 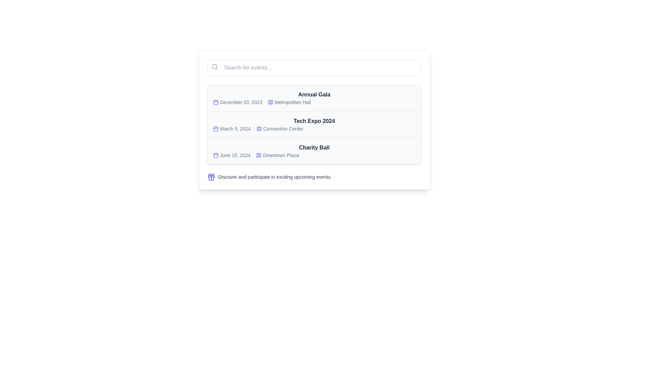 What do you see at coordinates (283, 129) in the screenshot?
I see `text displayed in the venue name label located on the second row of the events list, positioned to the right of the calendar icon and map marker icon, below the 'Tech Expo 2024' title` at bounding box center [283, 129].